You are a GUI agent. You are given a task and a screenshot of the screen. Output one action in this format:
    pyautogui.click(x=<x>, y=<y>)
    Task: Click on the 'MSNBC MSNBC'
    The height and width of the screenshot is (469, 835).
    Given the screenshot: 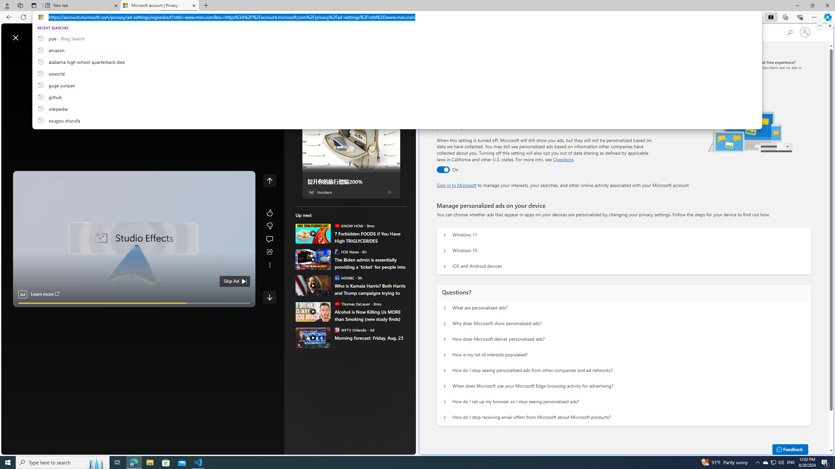 What is the action you would take?
    pyautogui.click(x=344, y=277)
    